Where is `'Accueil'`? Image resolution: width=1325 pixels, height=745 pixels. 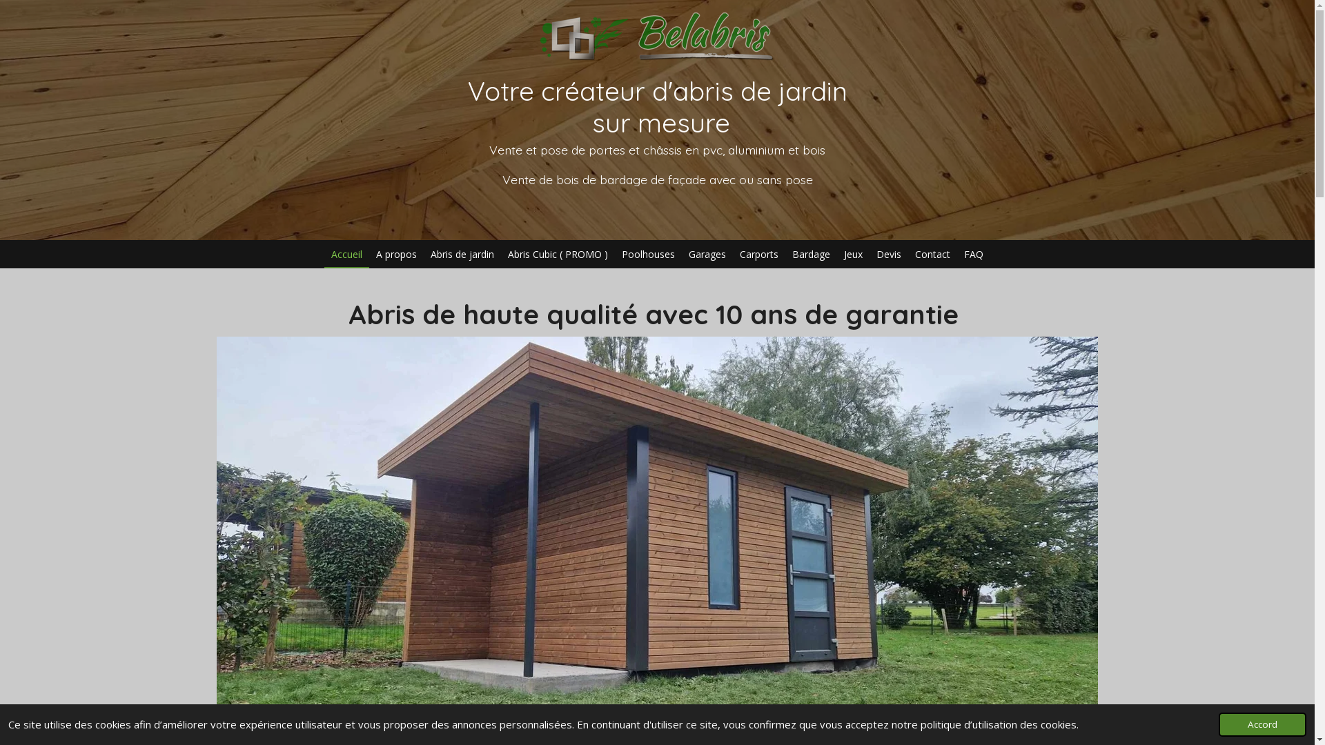
'Accueil' is located at coordinates (346, 254).